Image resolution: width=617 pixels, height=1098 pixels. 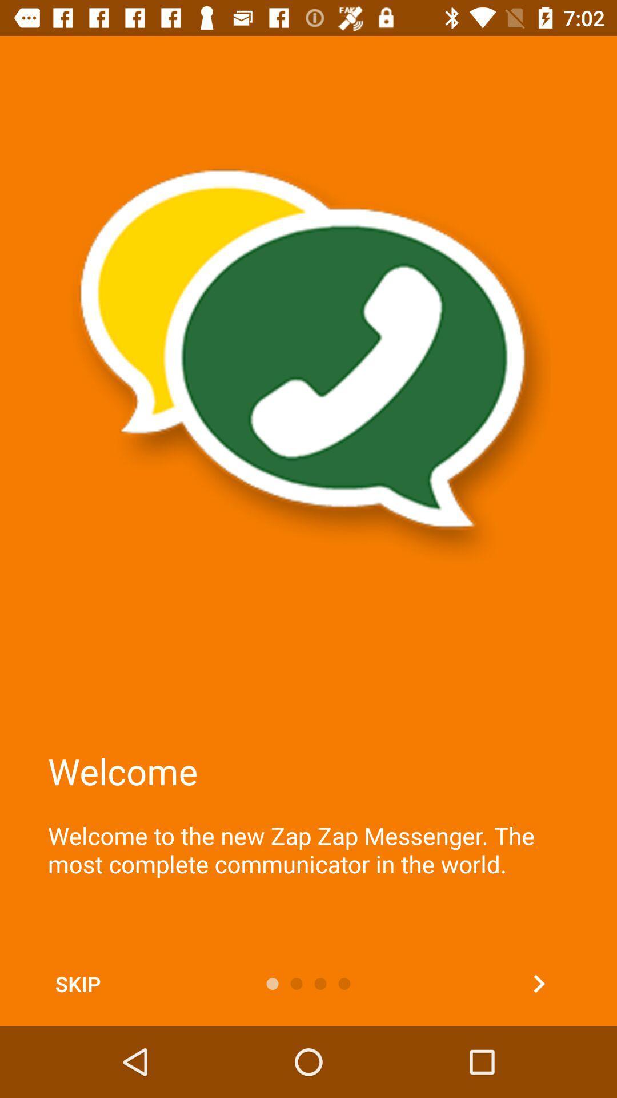 I want to click on next, so click(x=539, y=983).